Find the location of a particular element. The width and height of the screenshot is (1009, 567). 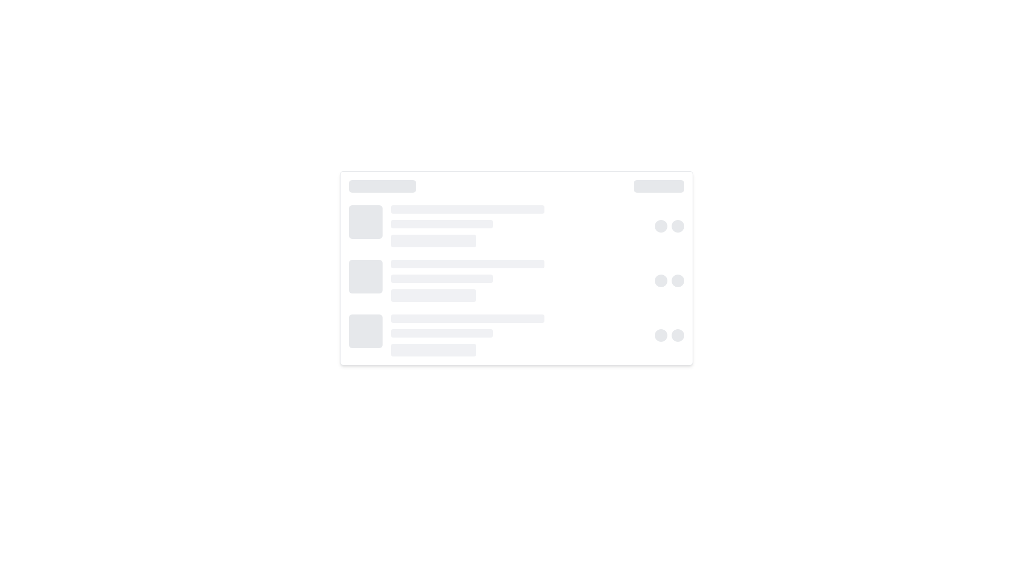

the leftmost circular visual marker element in the bottom-right section of the interface is located at coordinates (660, 335).